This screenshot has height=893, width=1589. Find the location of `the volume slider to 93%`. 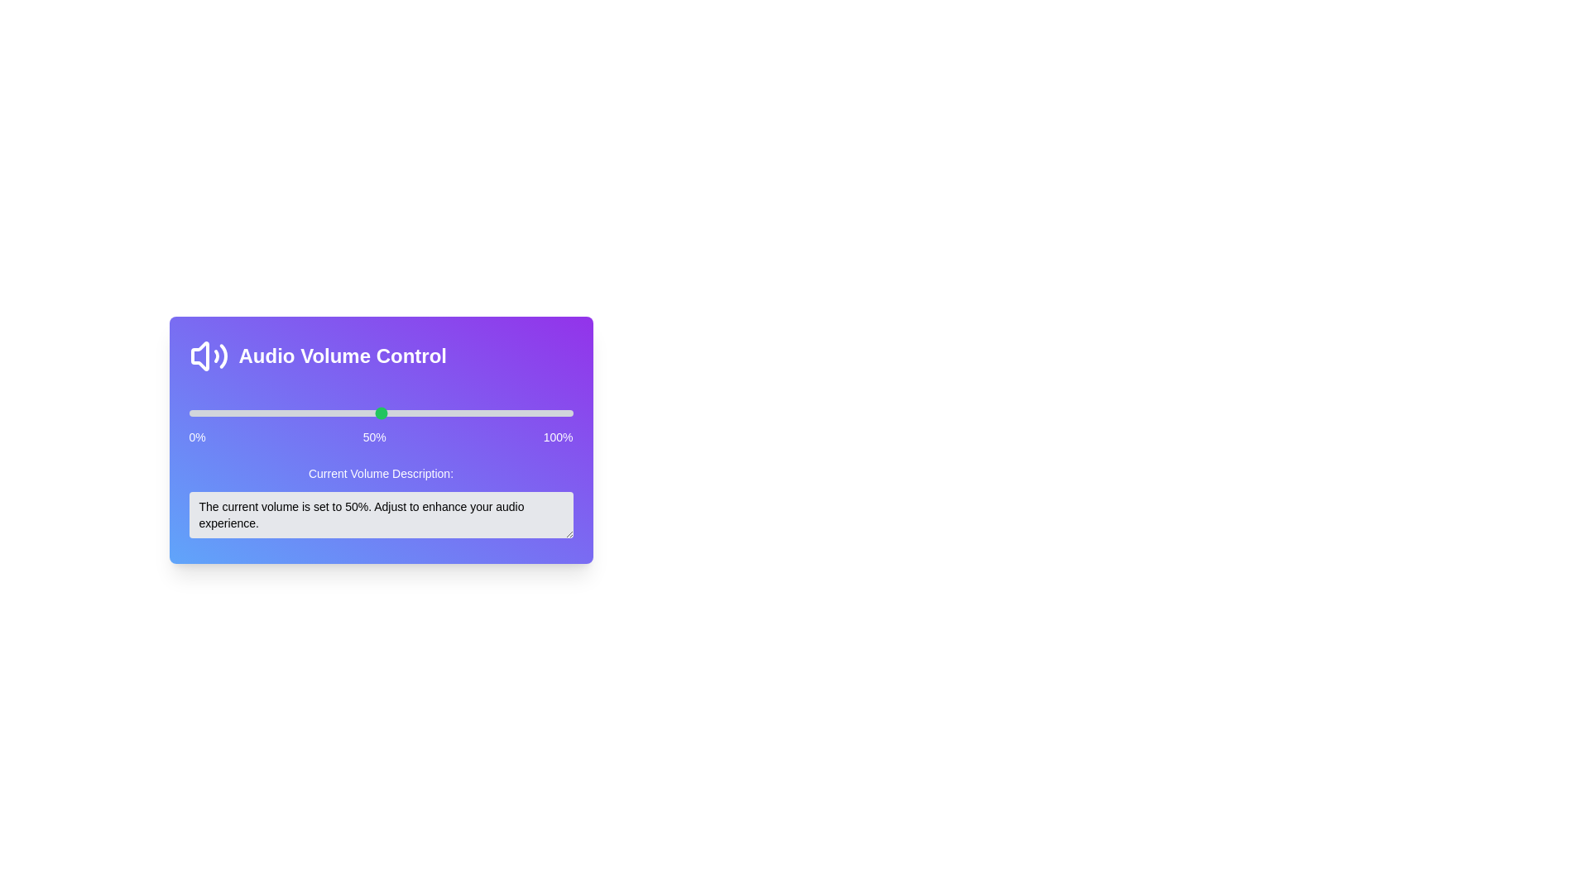

the volume slider to 93% is located at coordinates (546, 413).